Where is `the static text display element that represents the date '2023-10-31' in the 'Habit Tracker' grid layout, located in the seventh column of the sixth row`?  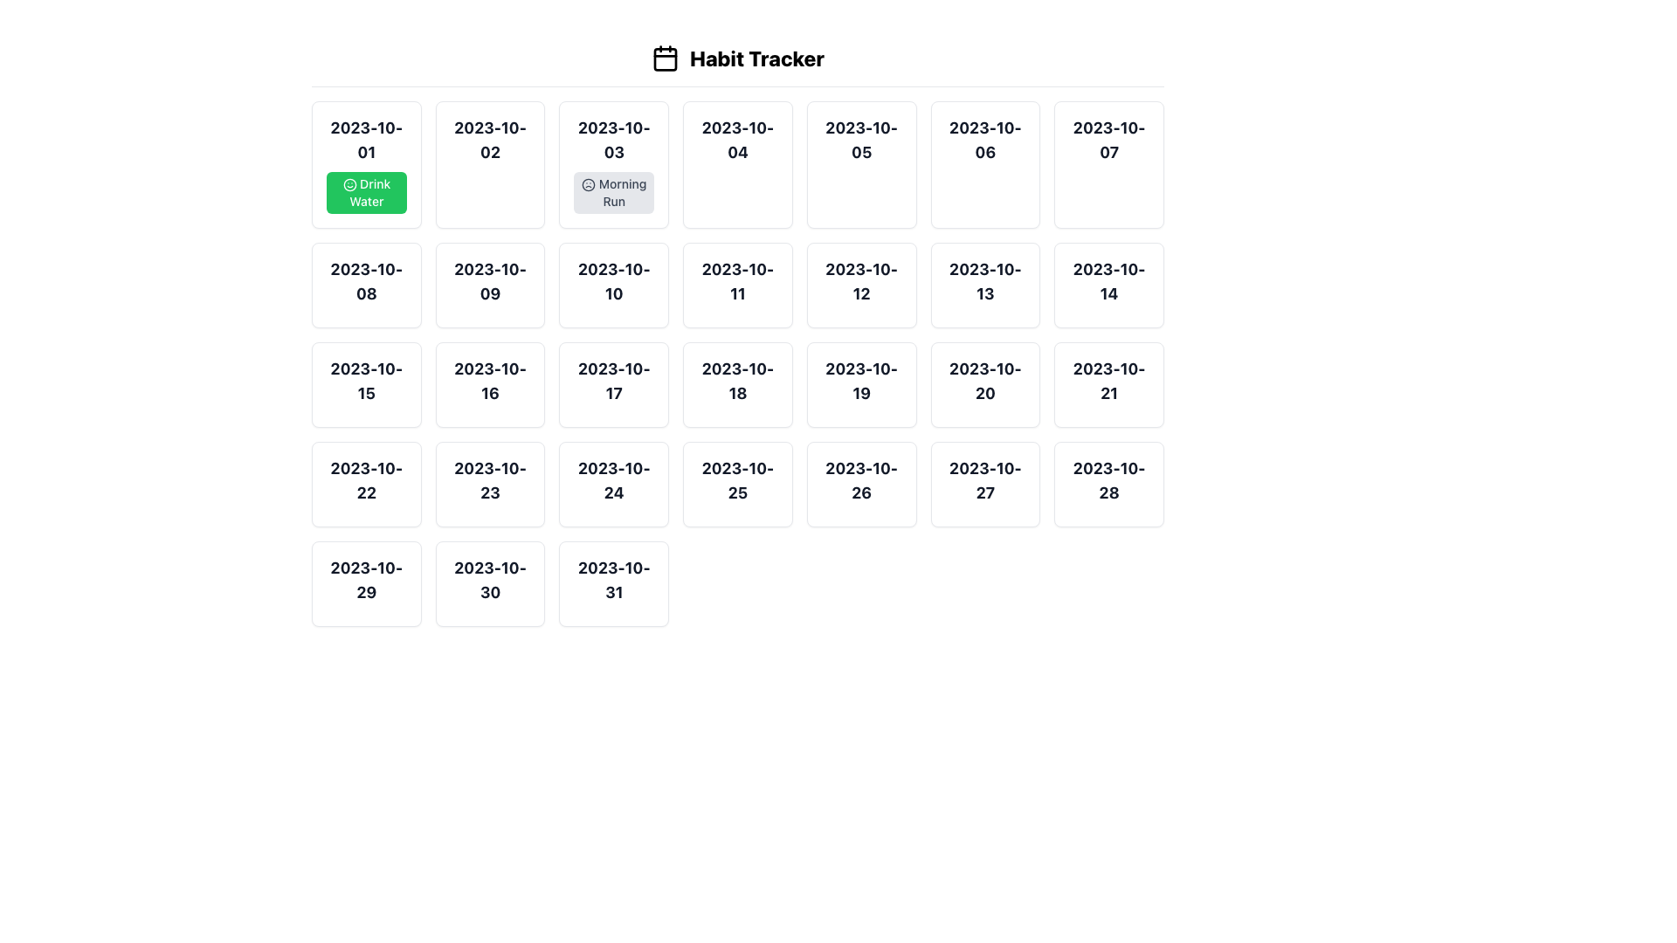
the static text display element that represents the date '2023-10-31' in the 'Habit Tracker' grid layout, located in the seventh column of the sixth row is located at coordinates (614, 583).